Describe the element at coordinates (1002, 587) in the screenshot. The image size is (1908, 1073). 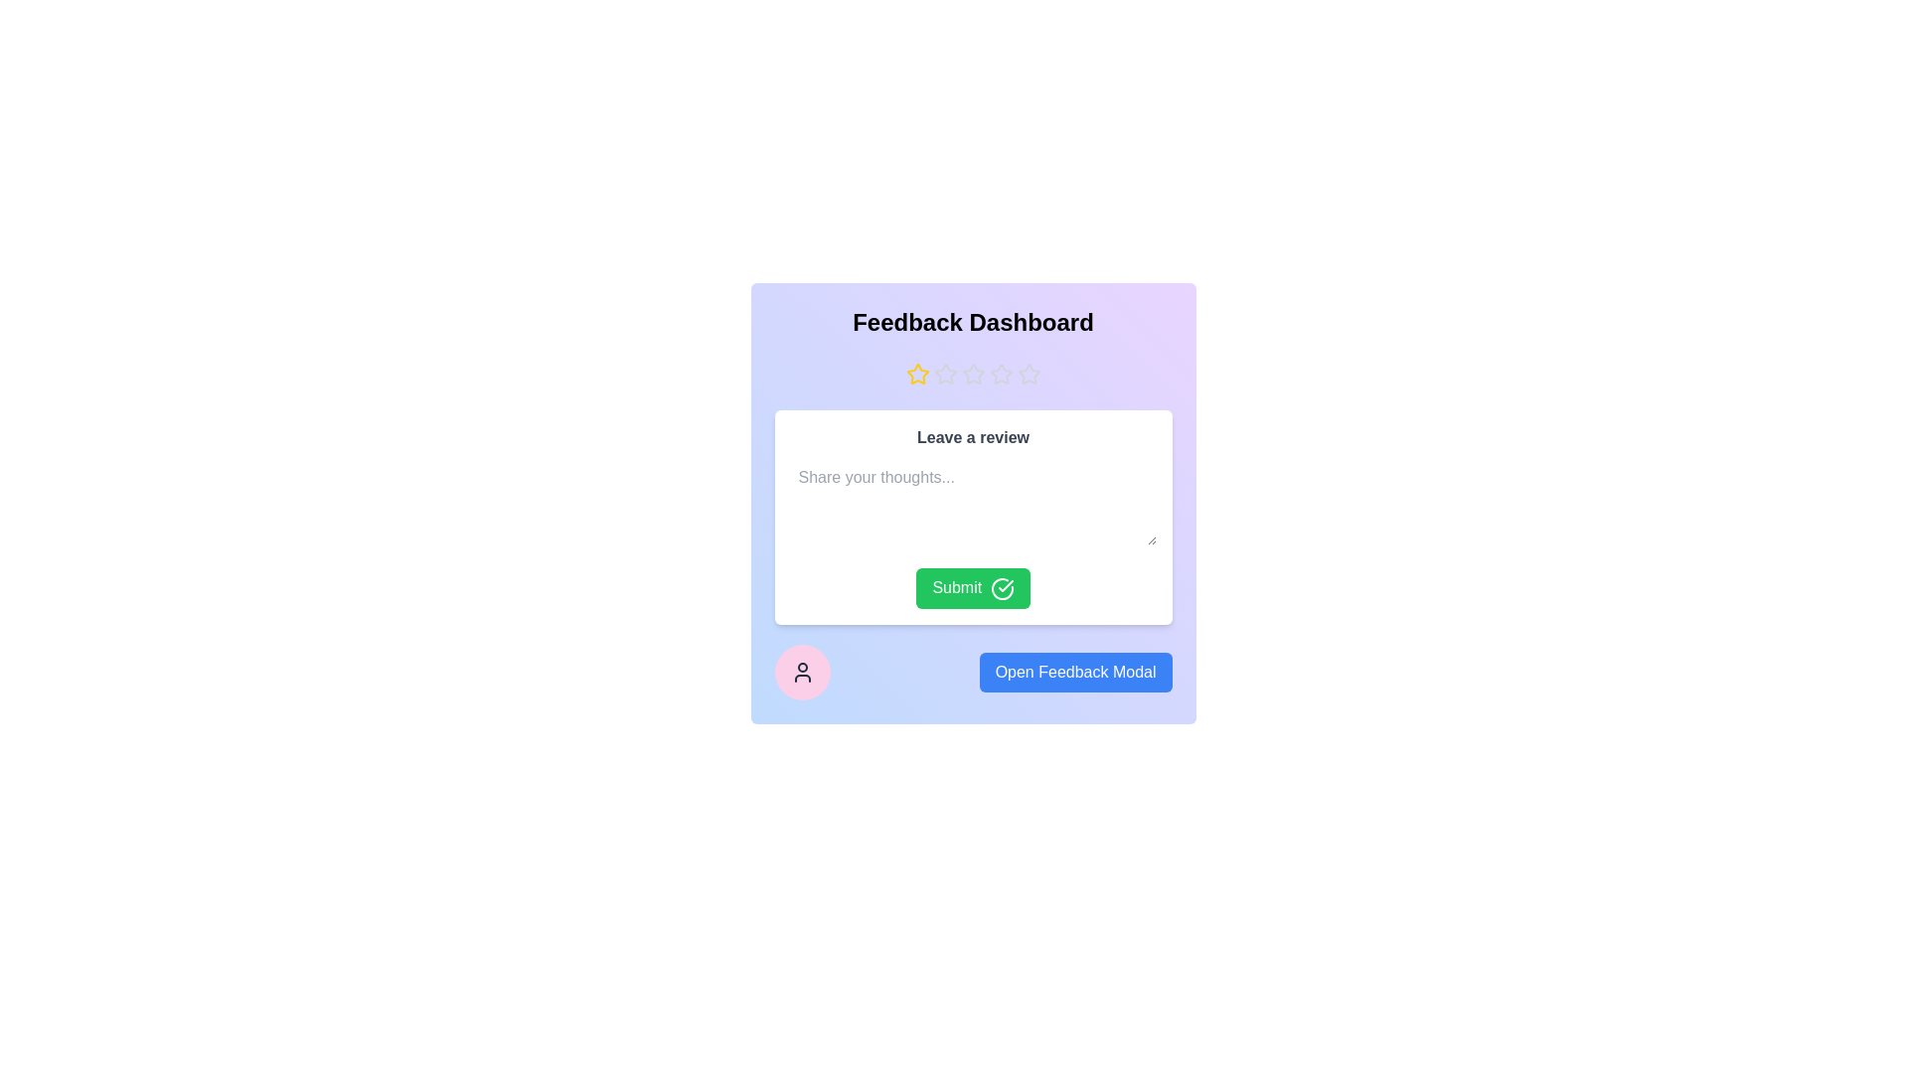
I see `success confirmation icon located to the right of the 'Submit' button, which is a green rectangular button below the review input area, for accessibility purposes` at that location.